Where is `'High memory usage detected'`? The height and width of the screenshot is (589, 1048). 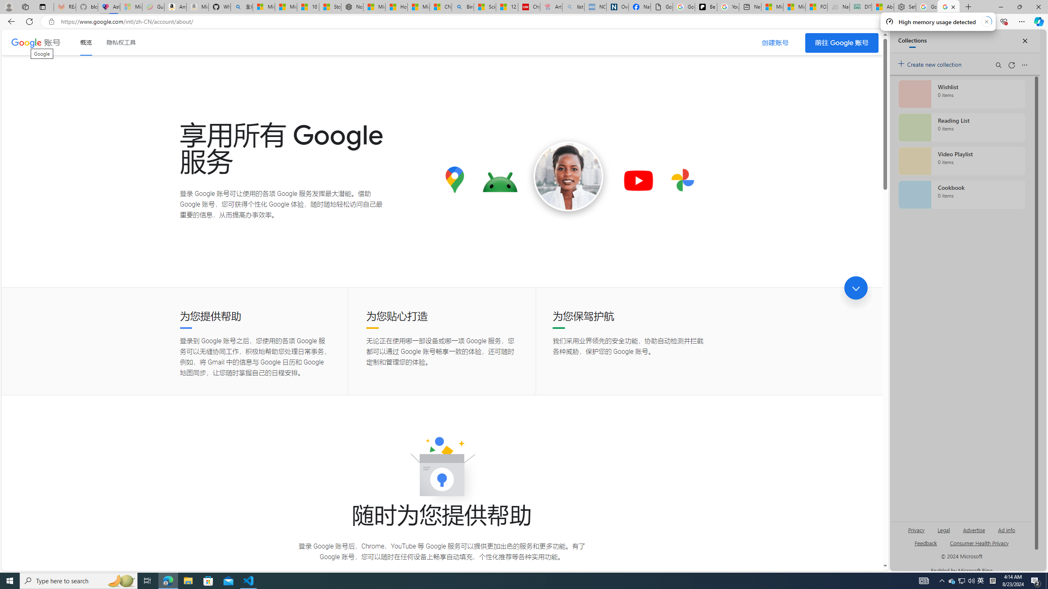 'High memory usage detected' is located at coordinates (937, 22).